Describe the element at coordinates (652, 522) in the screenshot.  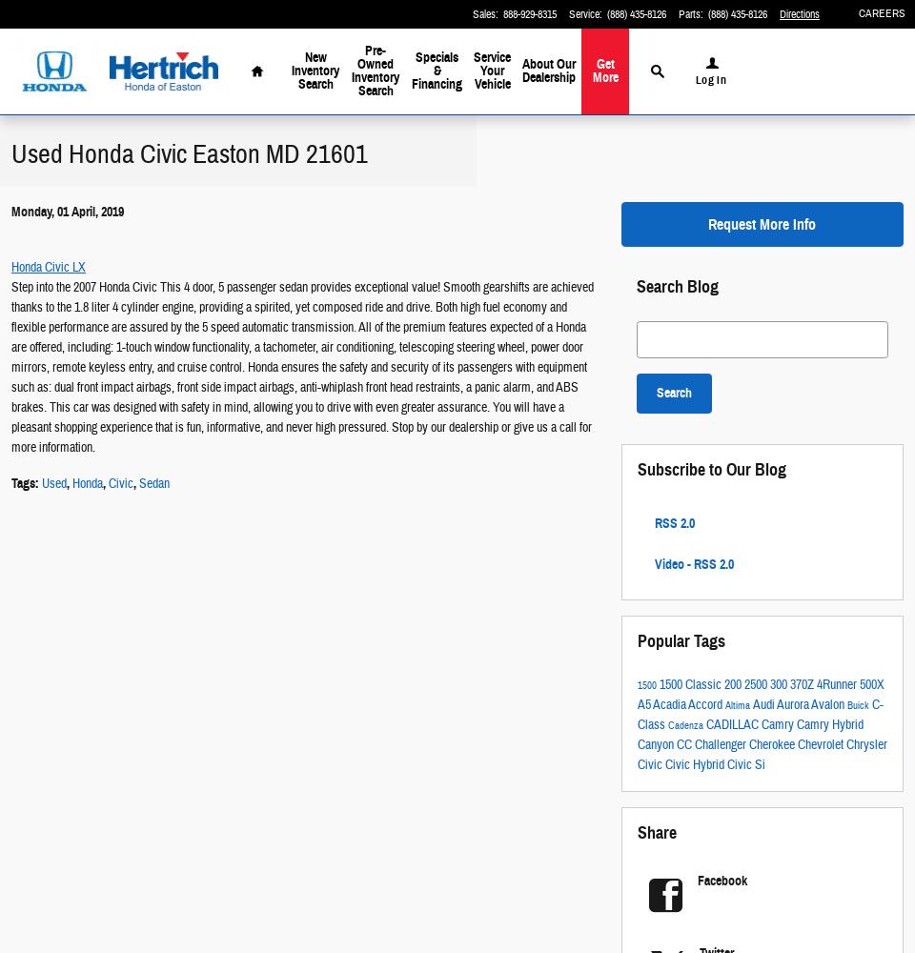
I see `'RSS 2.0'` at that location.